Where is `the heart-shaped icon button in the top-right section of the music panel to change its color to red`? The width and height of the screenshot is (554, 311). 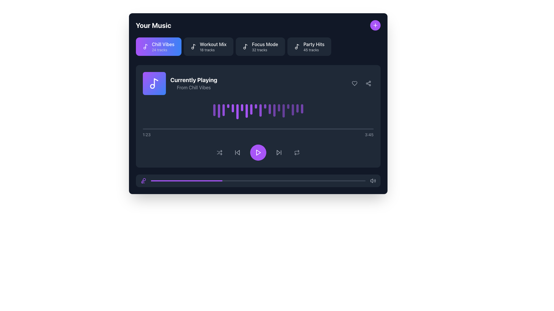 the heart-shaped icon button in the top-right section of the music panel to change its color to red is located at coordinates (354, 83).